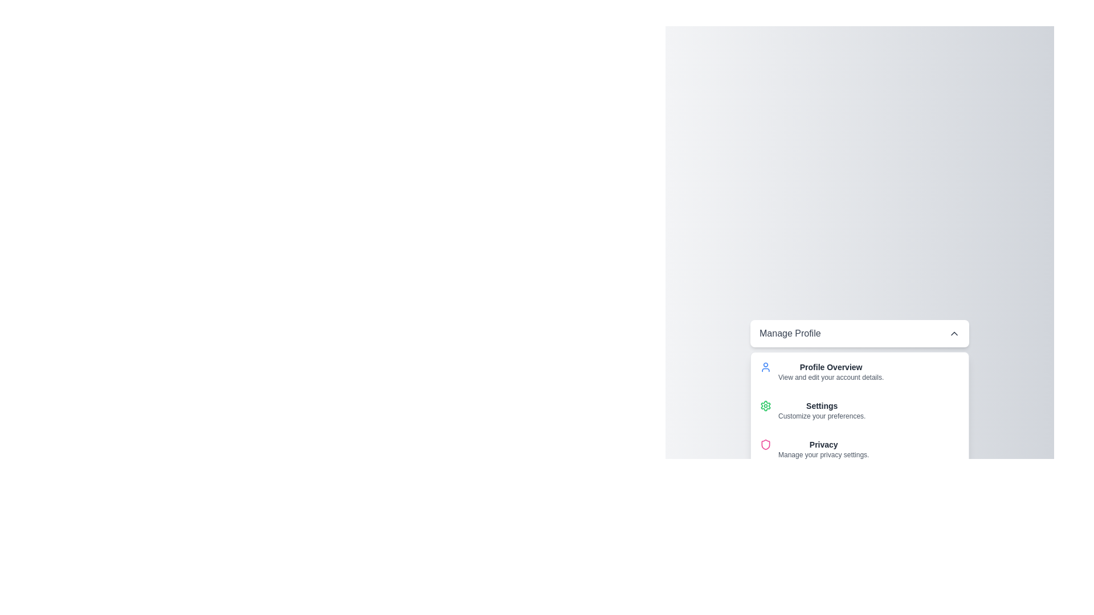 The image size is (1094, 615). Describe the element at coordinates (766, 405) in the screenshot. I see `the gear icon located to the left of the 'Settings' label in the 'Manage Profile' menu` at that location.